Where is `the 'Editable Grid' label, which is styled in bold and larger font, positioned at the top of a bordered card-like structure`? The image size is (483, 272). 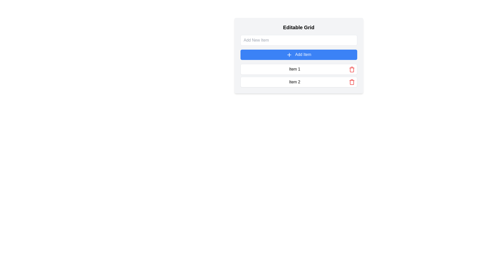 the 'Editable Grid' label, which is styled in bold and larger font, positioned at the top of a bordered card-like structure is located at coordinates (299, 27).